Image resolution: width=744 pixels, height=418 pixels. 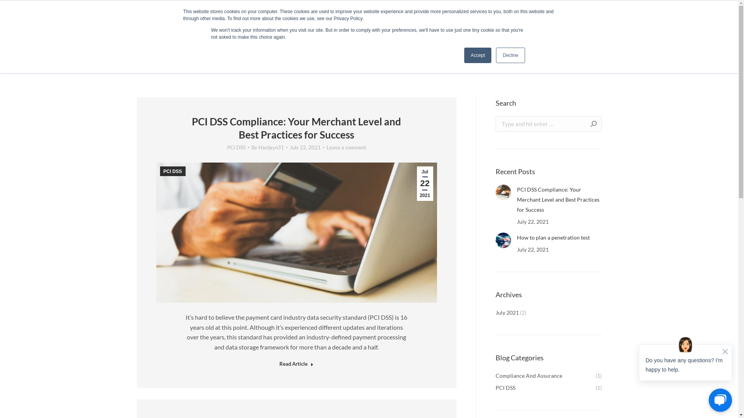 What do you see at coordinates (425, 183) in the screenshot?
I see `'Jul` at bounding box center [425, 183].